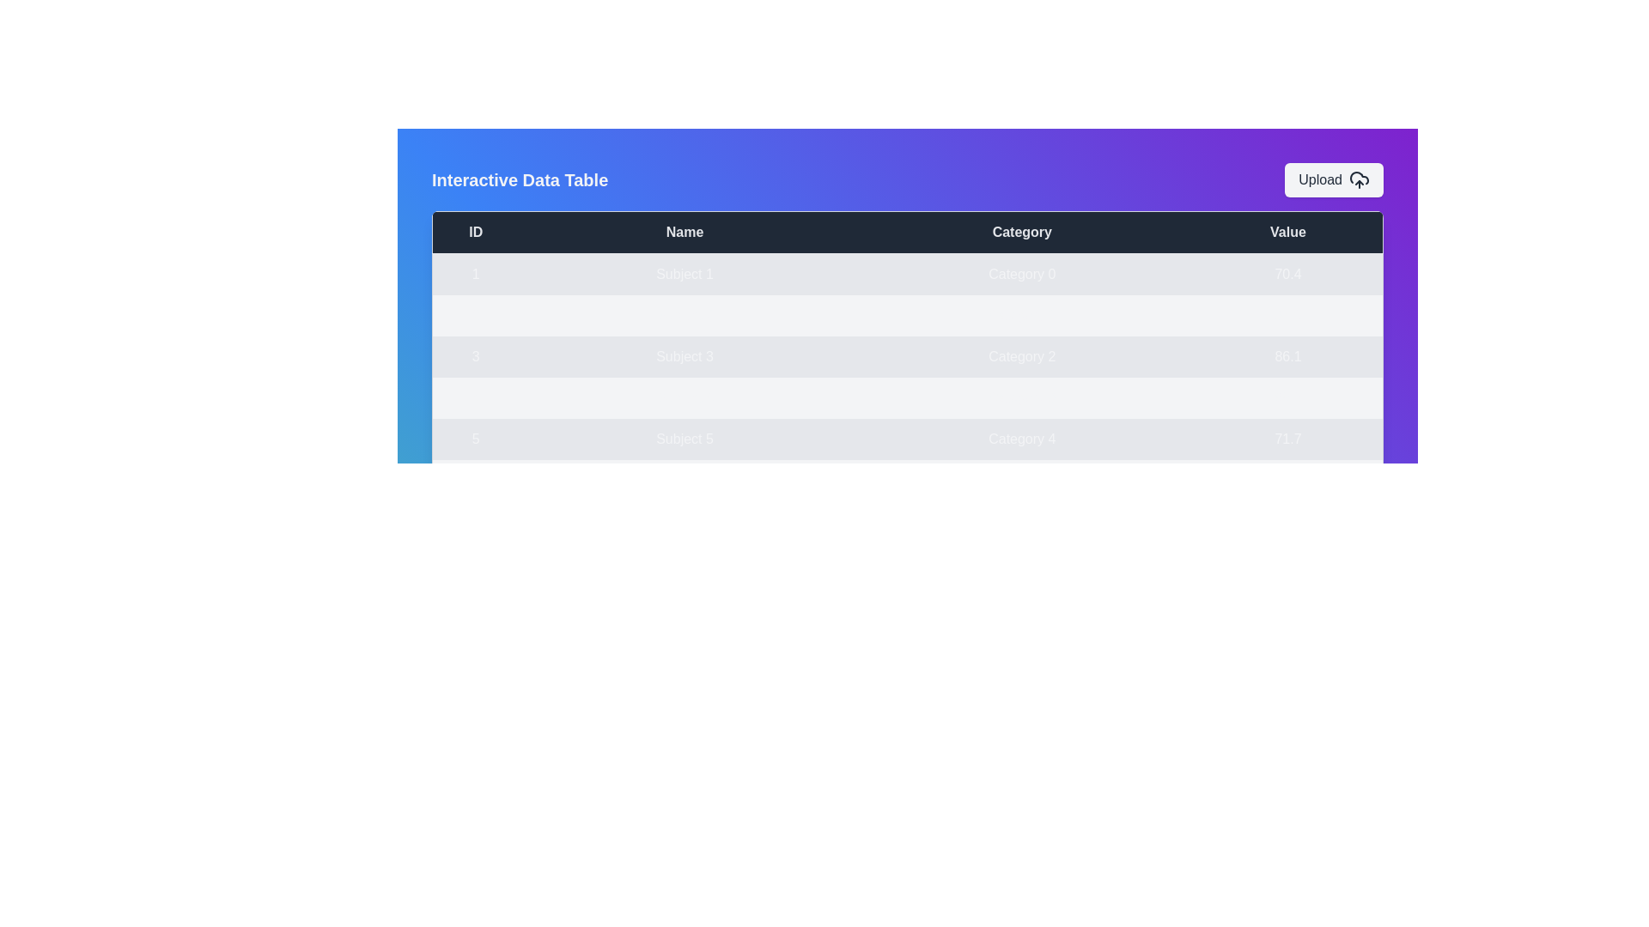  What do you see at coordinates (1288, 232) in the screenshot?
I see `the table header 'Value' to sort the data` at bounding box center [1288, 232].